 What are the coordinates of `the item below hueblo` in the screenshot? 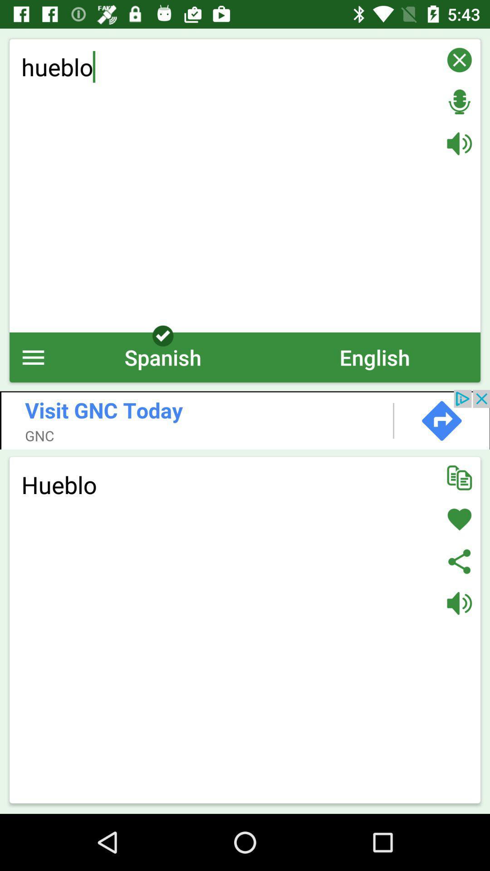 It's located at (162, 357).